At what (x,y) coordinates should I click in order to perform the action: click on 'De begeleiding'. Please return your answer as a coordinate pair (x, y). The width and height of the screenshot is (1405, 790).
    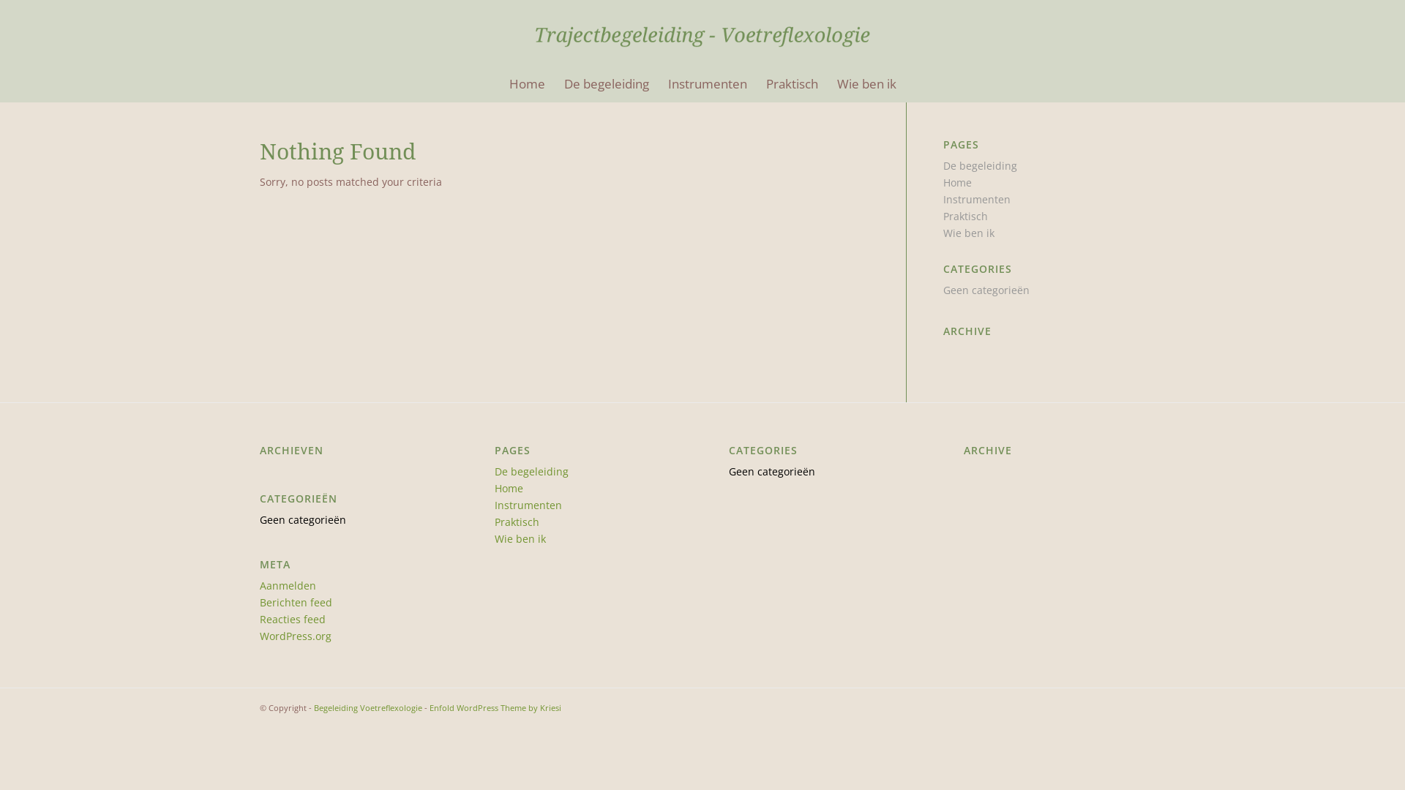
    Looking at the image, I should click on (980, 165).